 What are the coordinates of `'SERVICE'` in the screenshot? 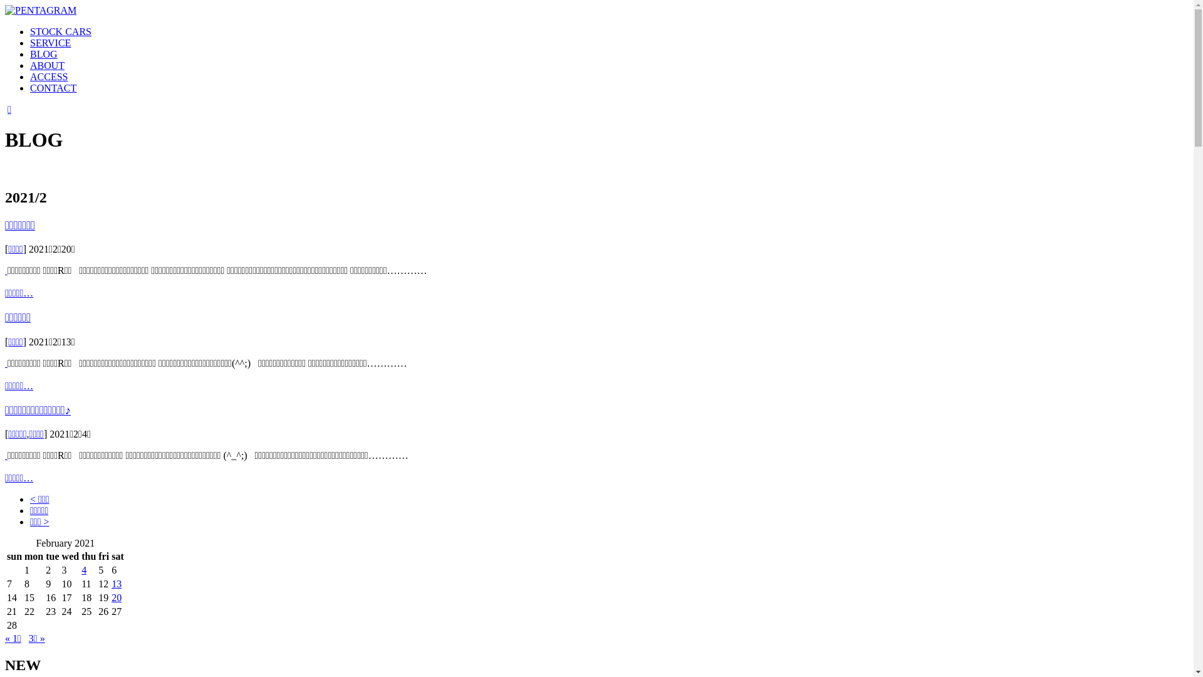 It's located at (50, 42).